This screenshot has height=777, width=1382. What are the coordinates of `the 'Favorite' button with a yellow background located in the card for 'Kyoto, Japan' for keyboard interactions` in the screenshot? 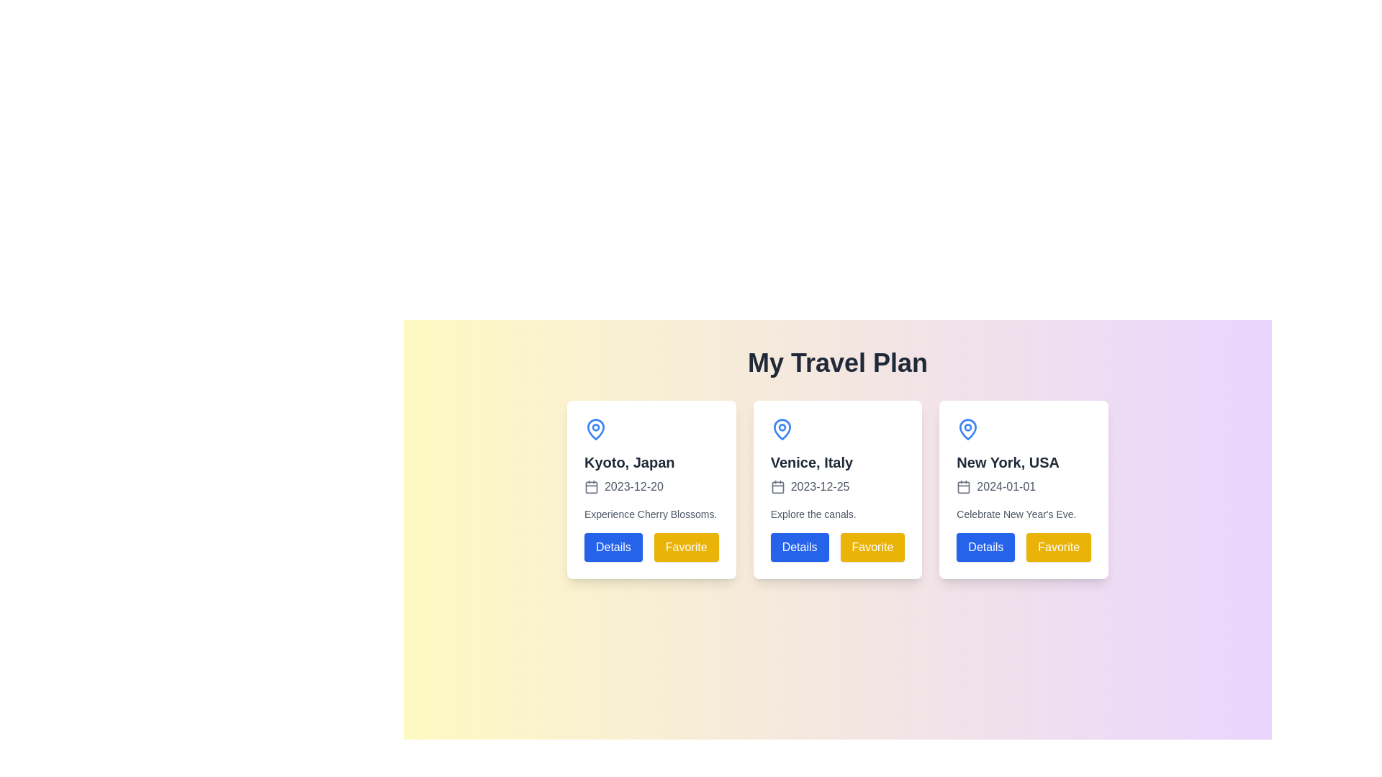 It's located at (685, 547).